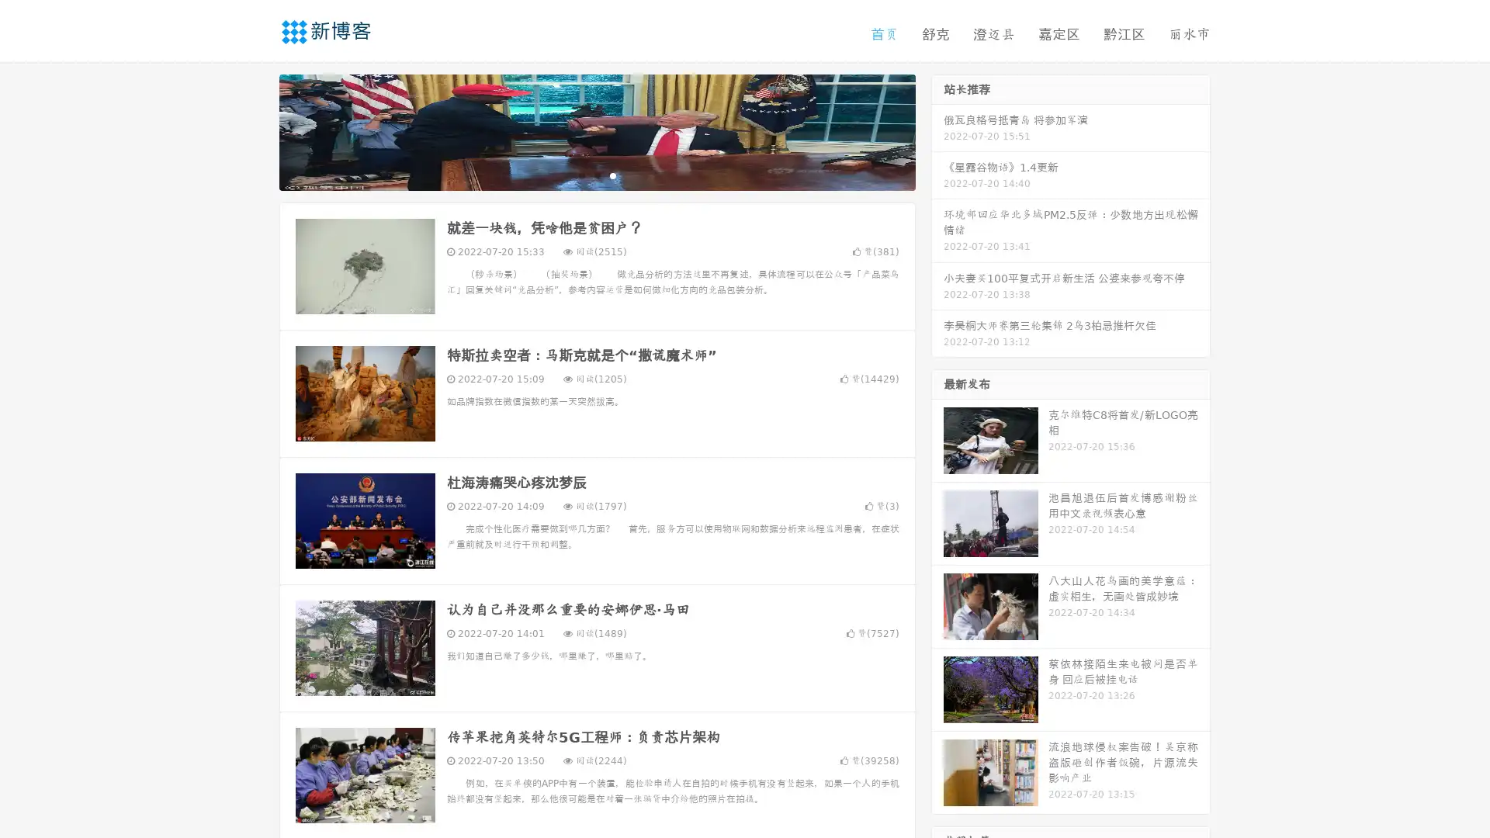 The height and width of the screenshot is (838, 1490). Describe the element at coordinates (937, 130) in the screenshot. I see `Next slide` at that location.